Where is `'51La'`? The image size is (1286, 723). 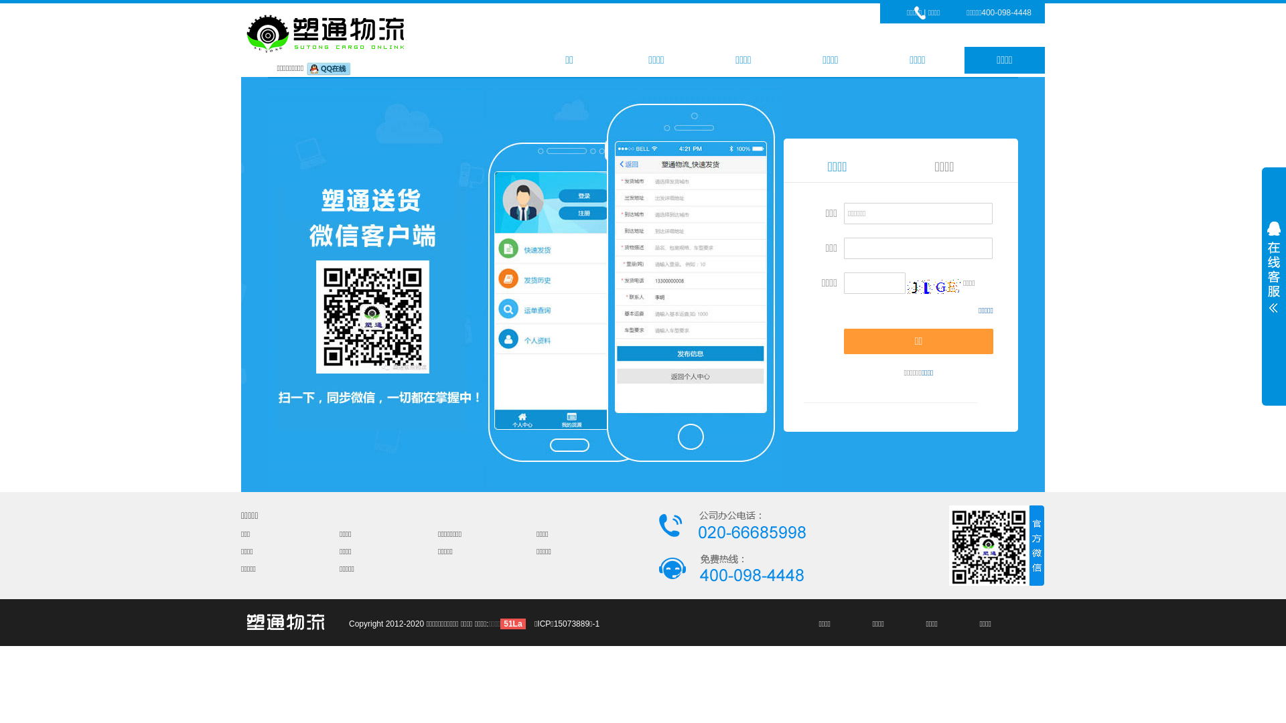
'51La' is located at coordinates (512, 624).